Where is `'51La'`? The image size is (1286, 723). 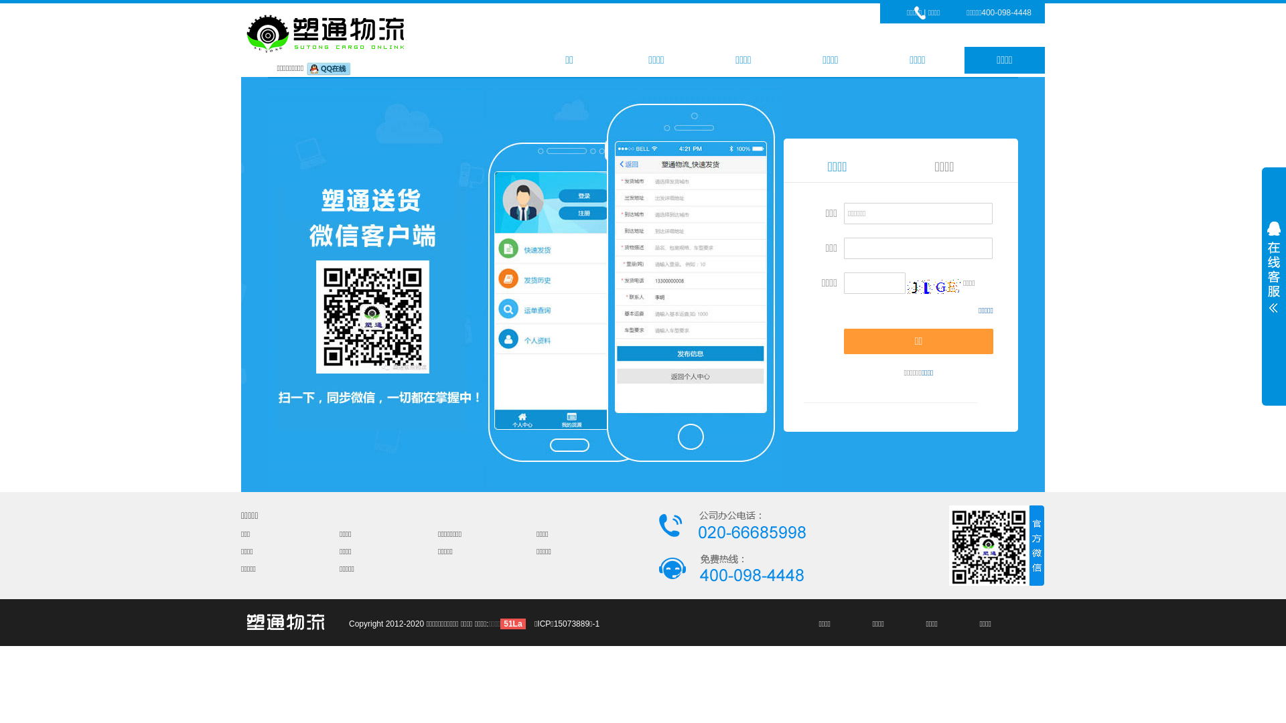
'51La' is located at coordinates (512, 624).